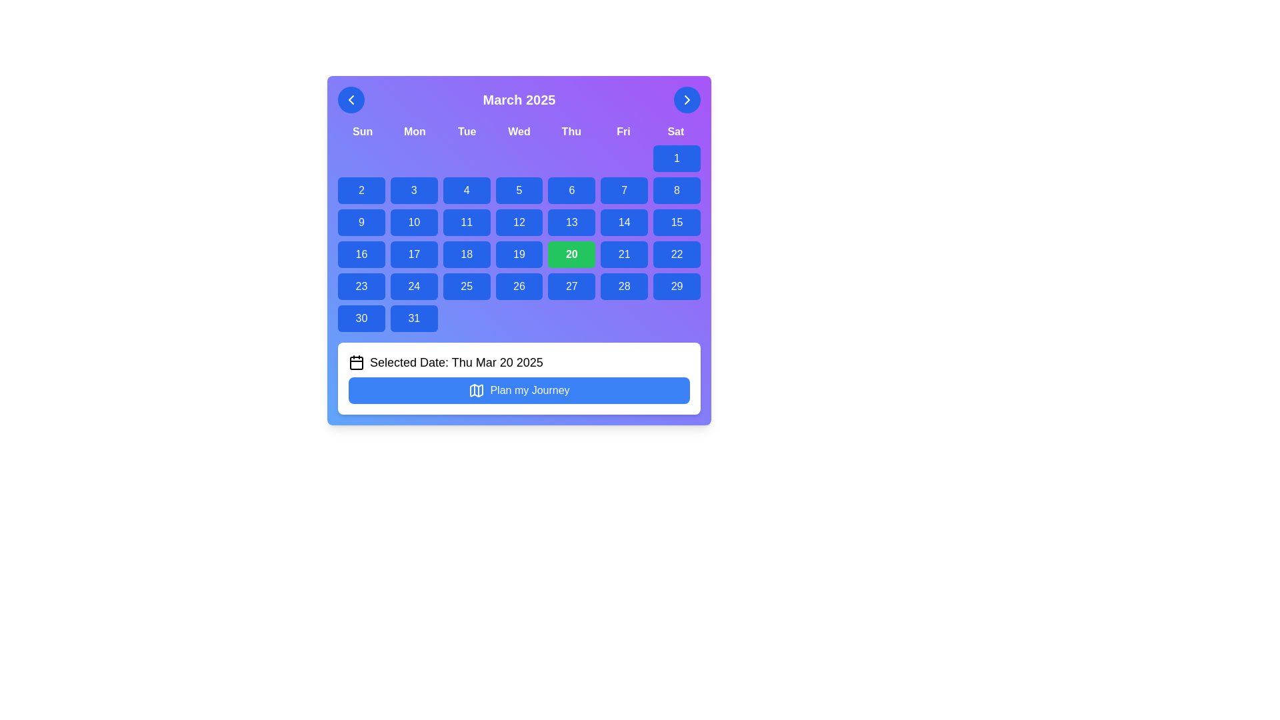  What do you see at coordinates (361, 190) in the screenshot?
I see `the button representing the date '2' in the monthly calendar interface` at bounding box center [361, 190].